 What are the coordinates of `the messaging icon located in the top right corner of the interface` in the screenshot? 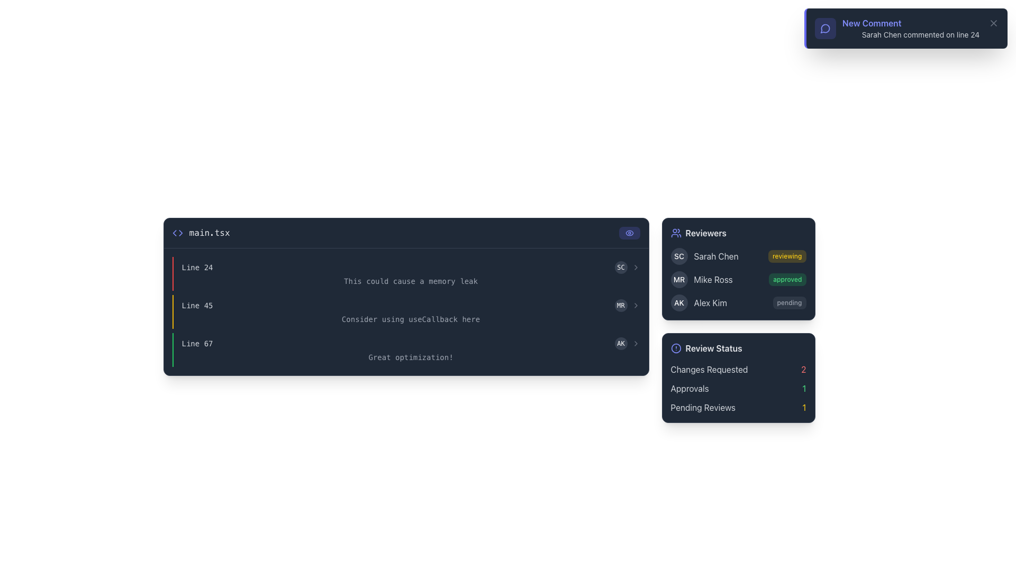 It's located at (825, 28).